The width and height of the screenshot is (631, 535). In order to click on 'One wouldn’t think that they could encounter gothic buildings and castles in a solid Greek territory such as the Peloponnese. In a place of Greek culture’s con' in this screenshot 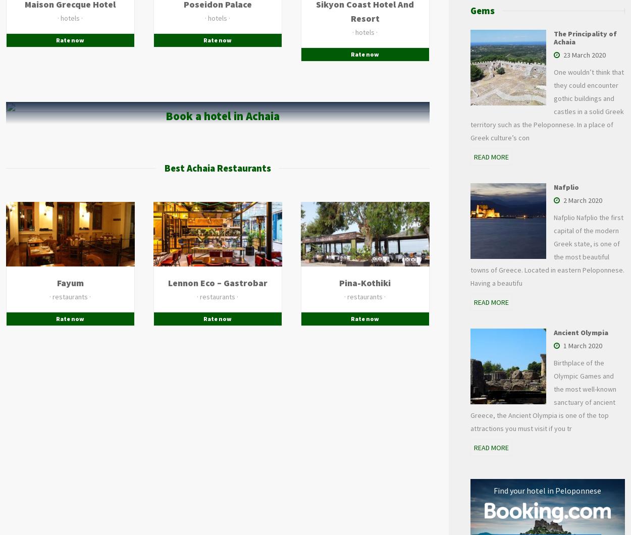, I will do `click(470, 104)`.